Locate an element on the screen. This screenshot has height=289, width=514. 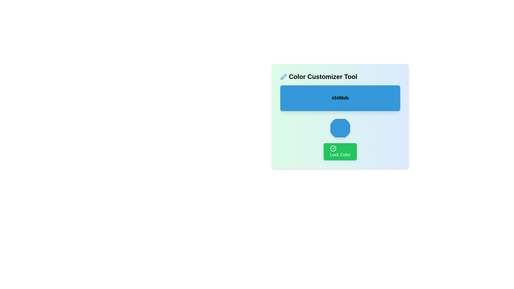
the blue brush-like vector graphic icon positioned near the 'Color Customizer Tool' text is located at coordinates (284, 76).